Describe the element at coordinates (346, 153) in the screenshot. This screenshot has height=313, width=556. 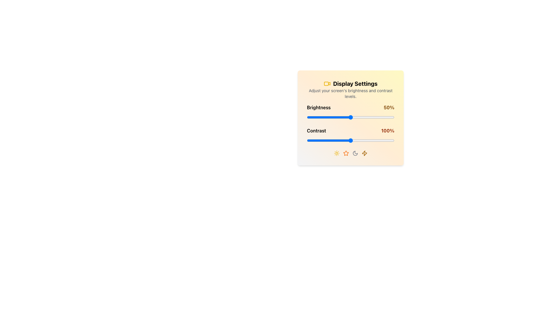
I see `the star-shaped icon outlined in orange, which is the third icon in a row of four icons located at the bottom of the 'Display Settings' modal` at that location.